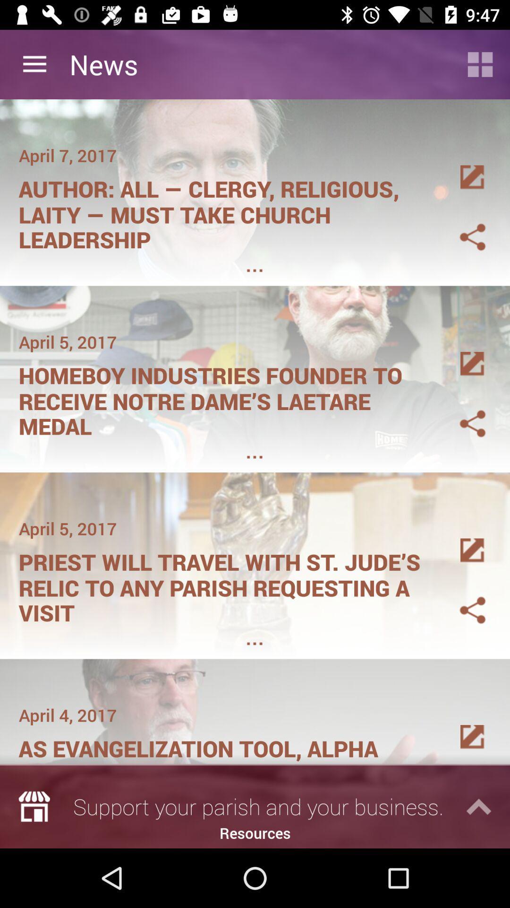 The height and width of the screenshot is (908, 510). I want to click on priest will travel item, so click(225, 584).